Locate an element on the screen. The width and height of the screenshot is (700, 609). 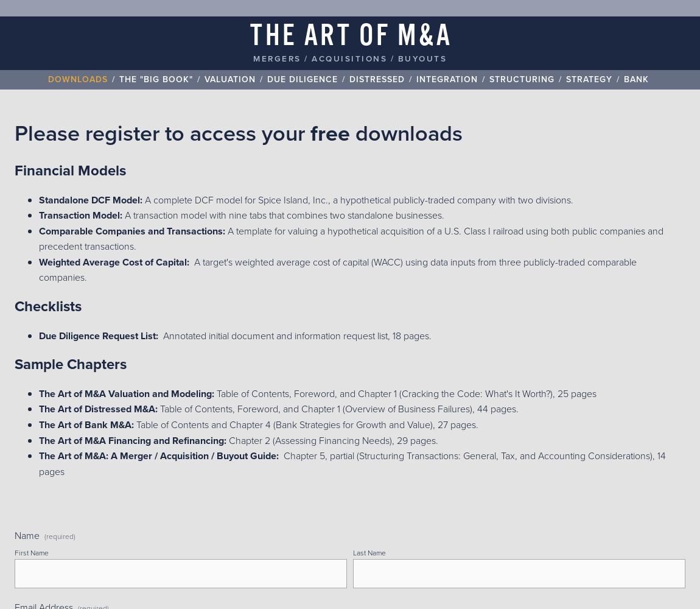
'Distressed' is located at coordinates (349, 79).